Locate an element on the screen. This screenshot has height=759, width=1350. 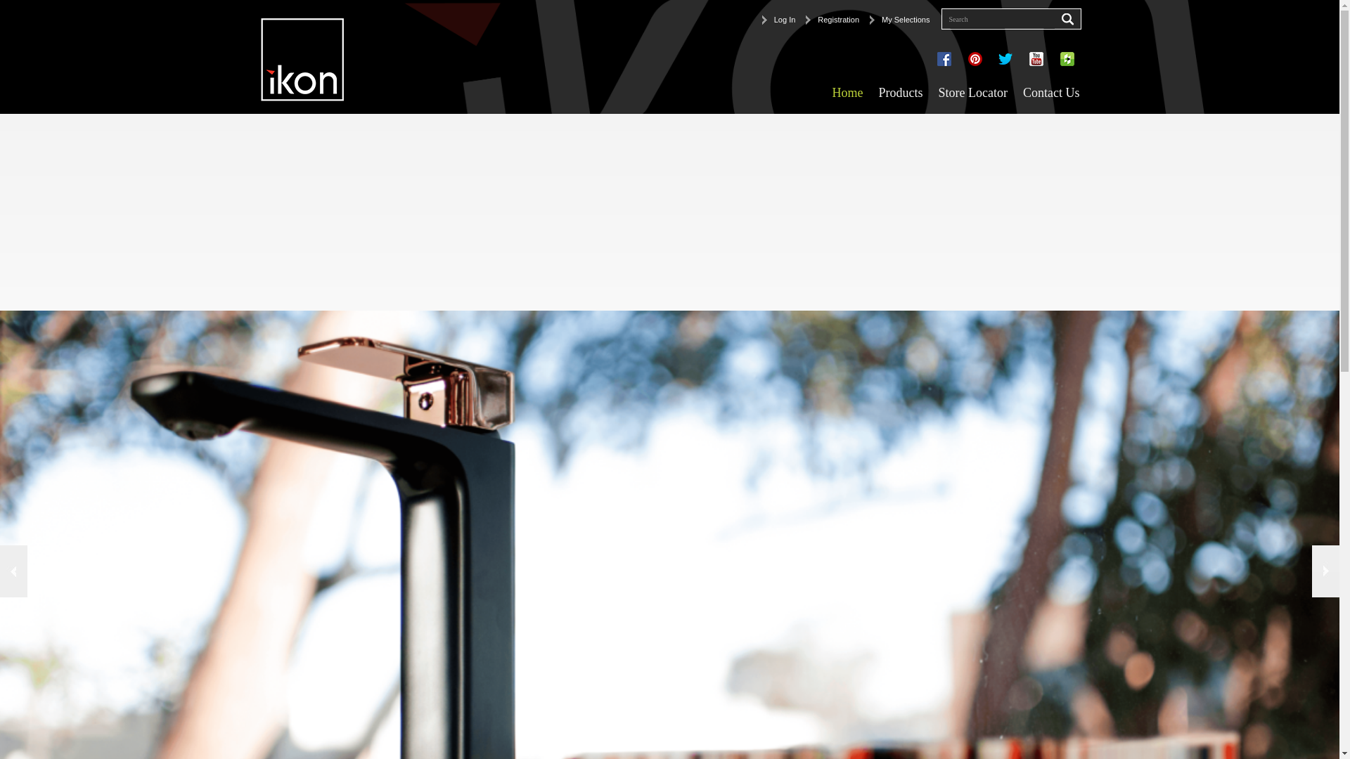
'Home' is located at coordinates (846, 93).